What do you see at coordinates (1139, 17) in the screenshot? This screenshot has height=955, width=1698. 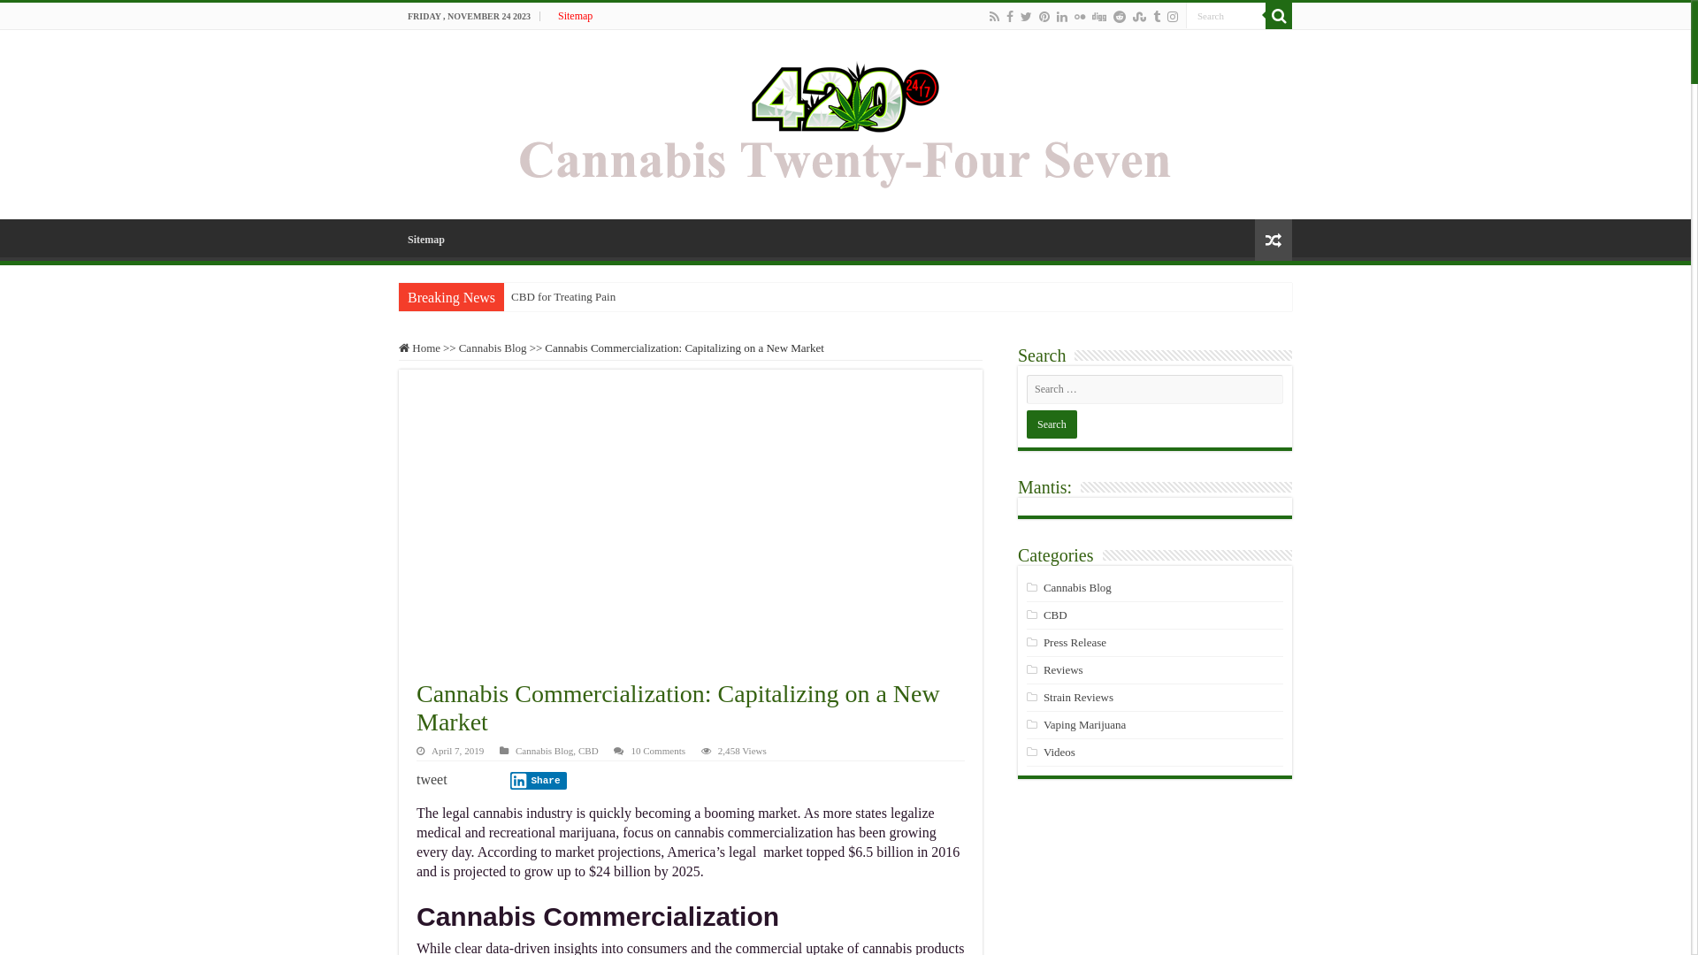 I see `'StumbleUpon'` at bounding box center [1139, 17].